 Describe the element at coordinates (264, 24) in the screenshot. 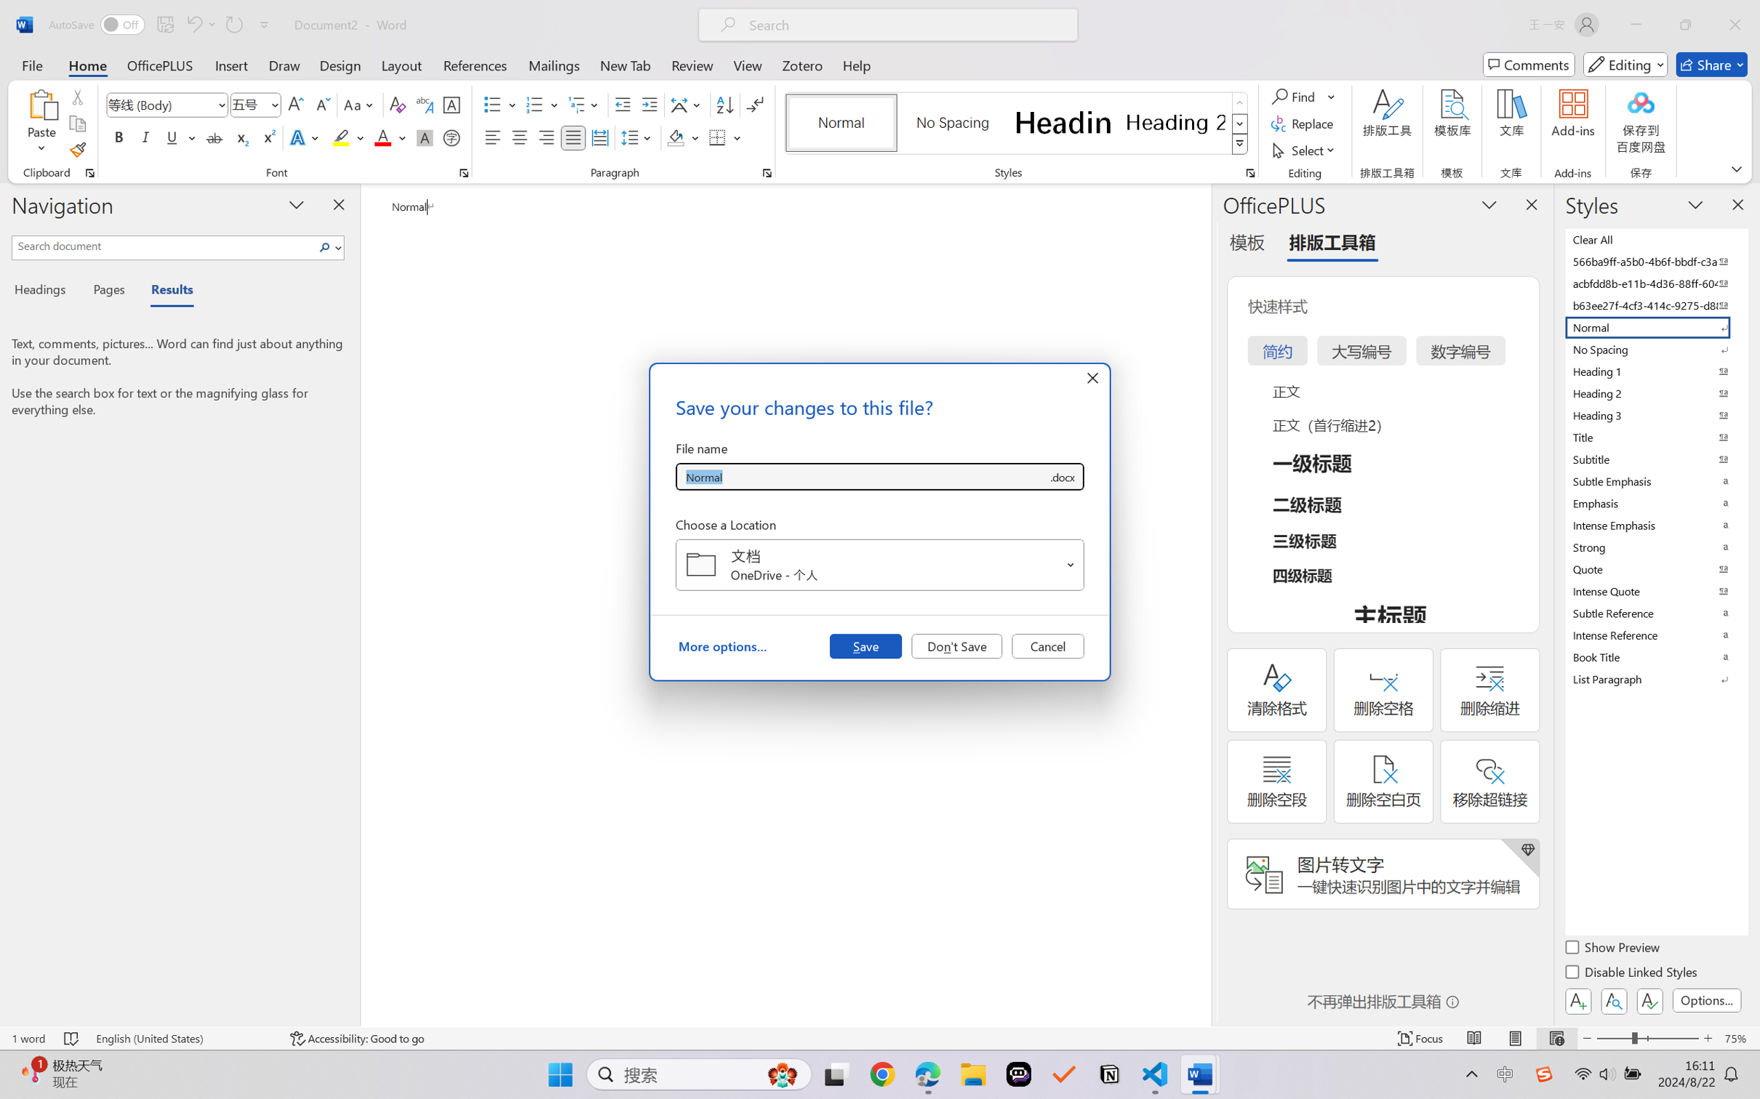

I see `'Customize Quick Access Toolbar'` at that location.